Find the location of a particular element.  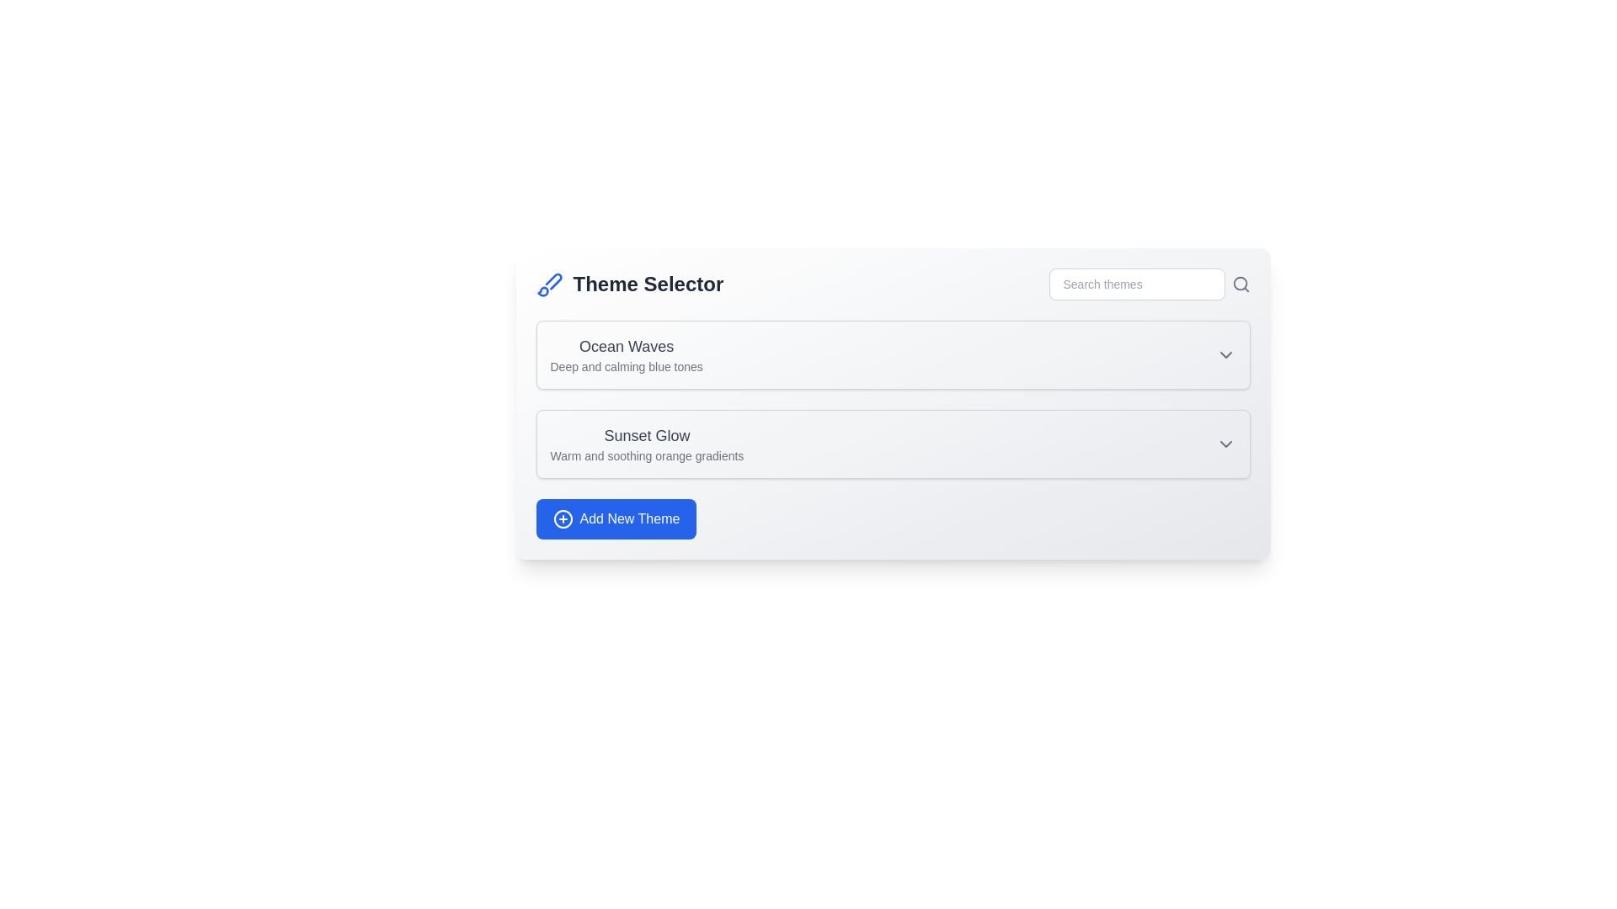

accessibility attributes of the selectable list item titled 'Ocean Waves', which is the uppermost option in the vertical selection list is located at coordinates (892, 353).